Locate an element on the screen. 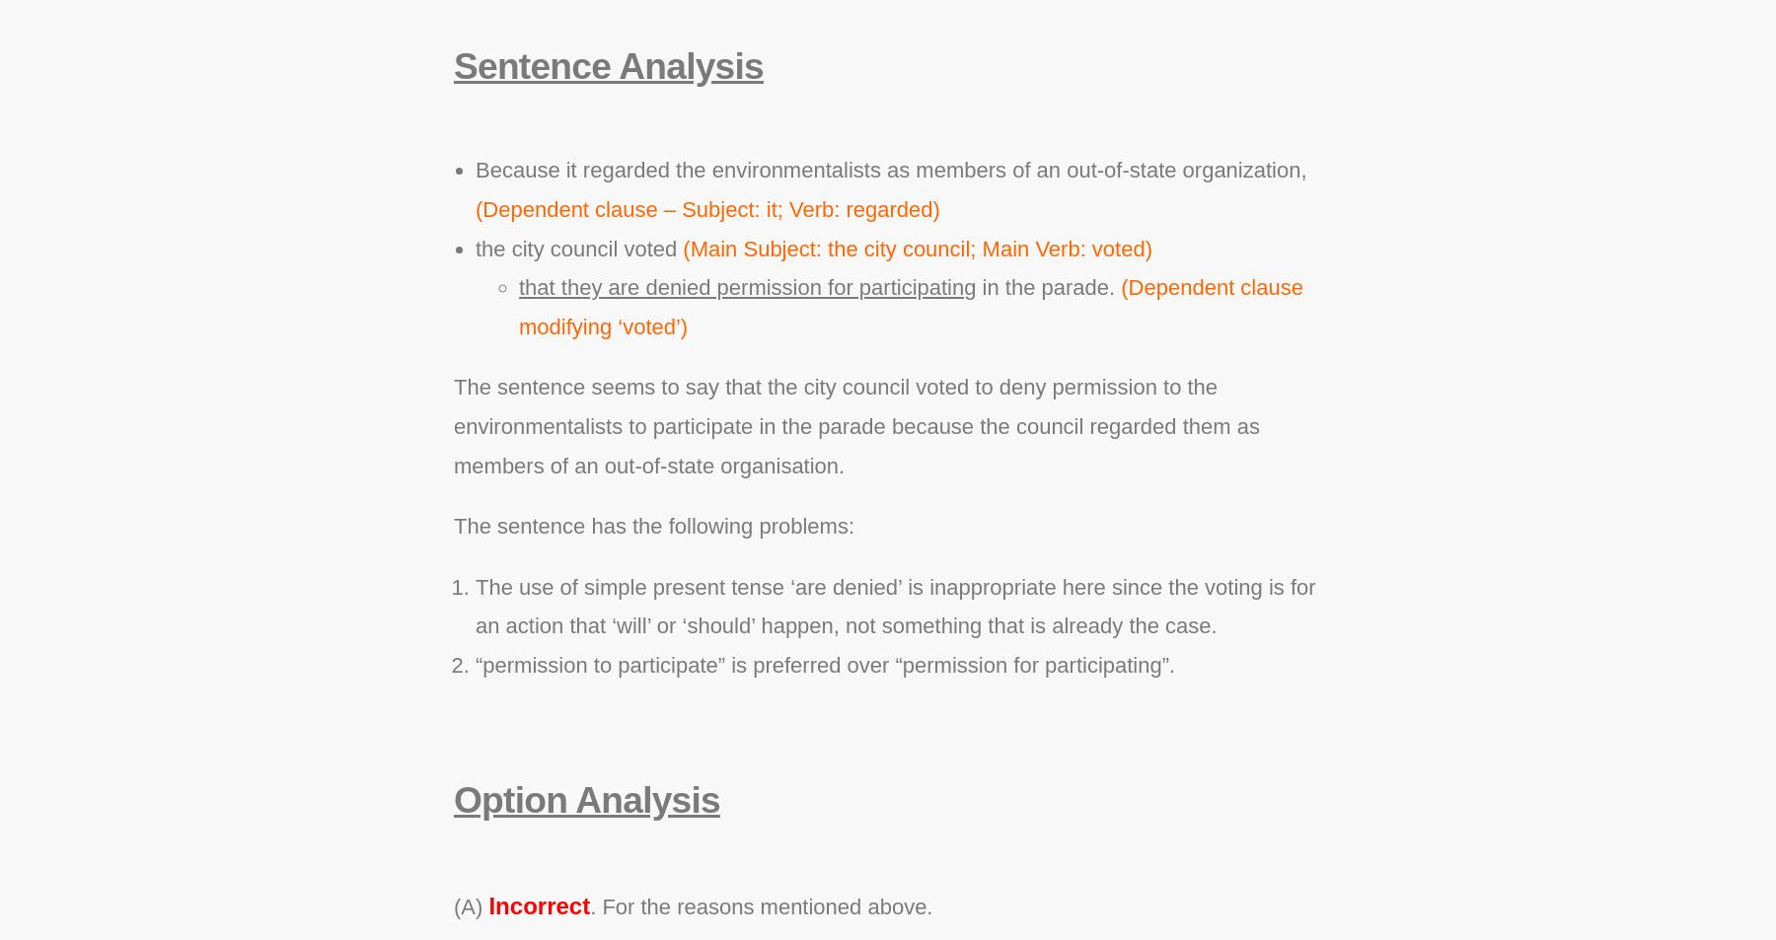 The width and height of the screenshot is (1776, 940). 'Option Analysis' is located at coordinates (577, 798).